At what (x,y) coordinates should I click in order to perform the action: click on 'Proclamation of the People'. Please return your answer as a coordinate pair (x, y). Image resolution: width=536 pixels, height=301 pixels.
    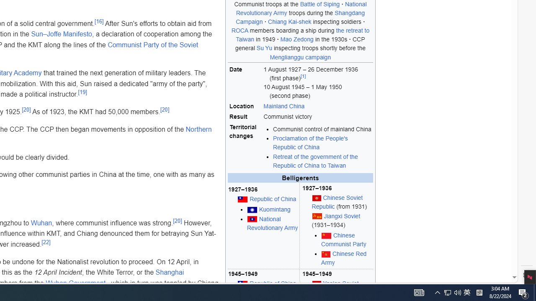
    Looking at the image, I should click on (310, 143).